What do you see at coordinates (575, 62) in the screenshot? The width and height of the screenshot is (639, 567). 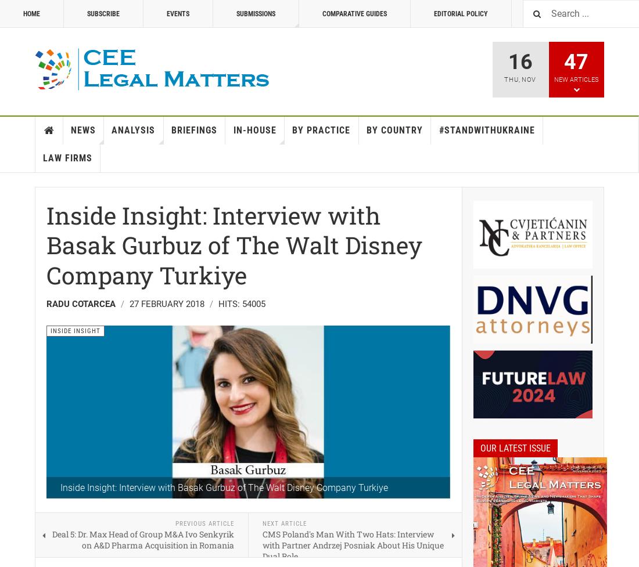 I see `'47'` at bounding box center [575, 62].